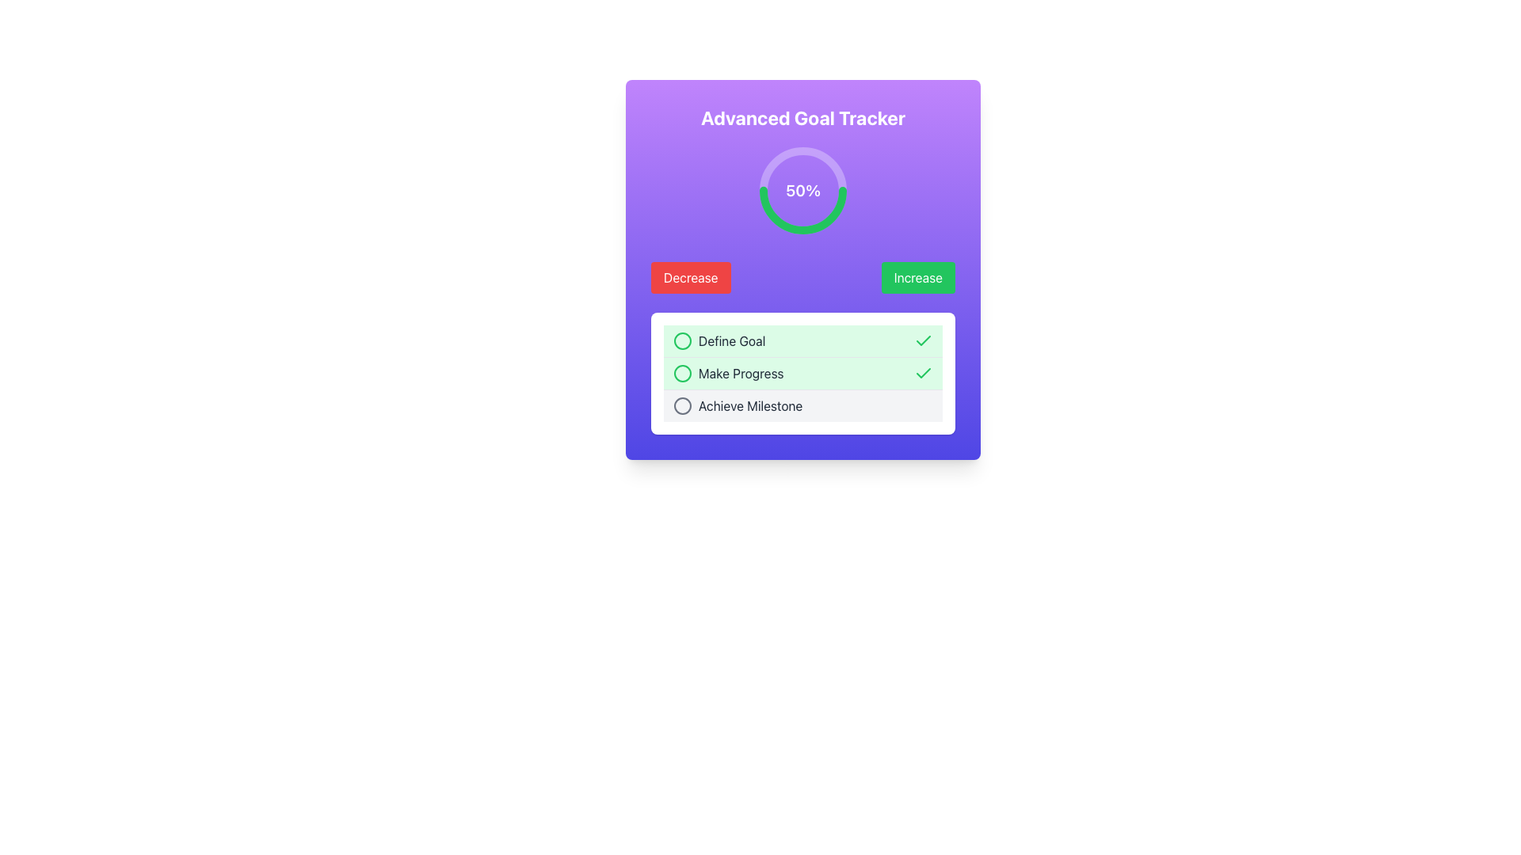 The image size is (1521, 855). I want to click on the Milestone Indicator for 'Achieve Milestone', which is the last item in the list indicating its current state as incomplete, so click(802, 405).